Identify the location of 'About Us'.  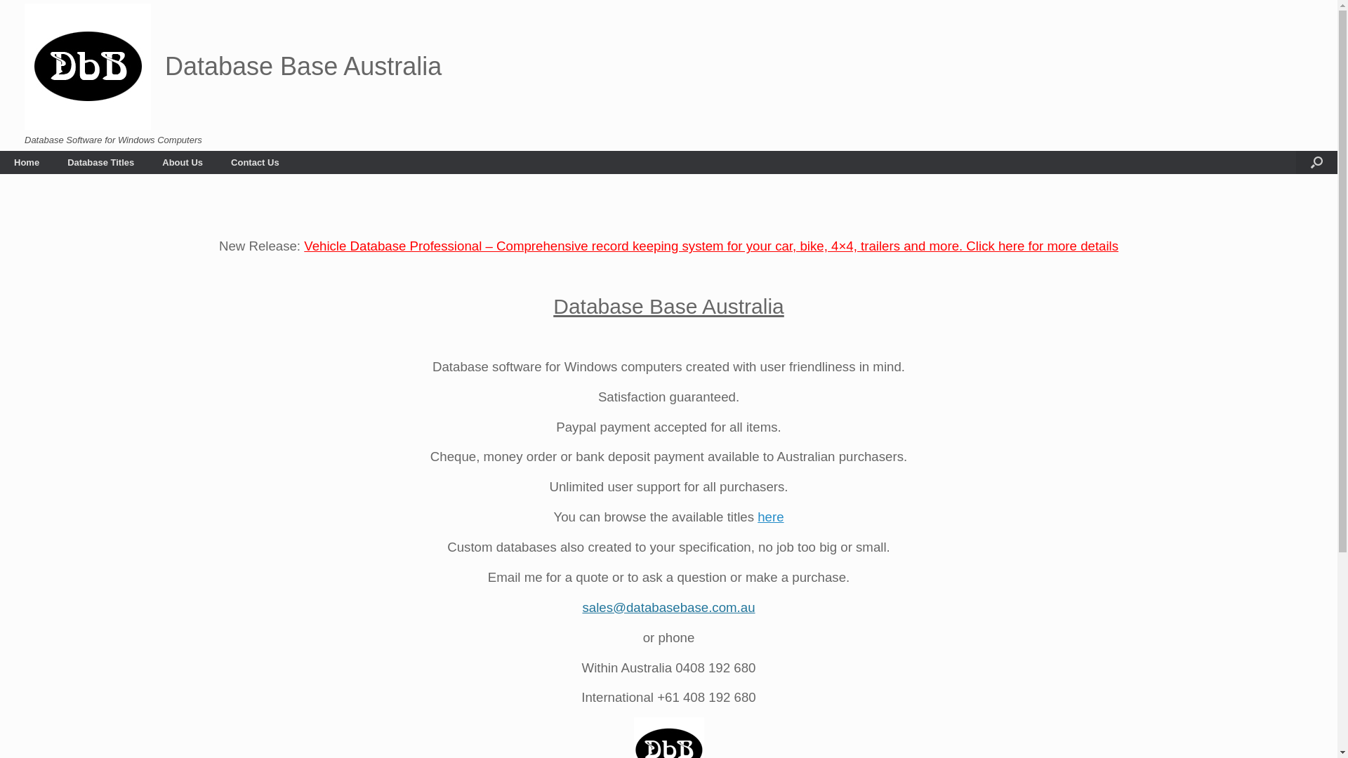
(181, 161).